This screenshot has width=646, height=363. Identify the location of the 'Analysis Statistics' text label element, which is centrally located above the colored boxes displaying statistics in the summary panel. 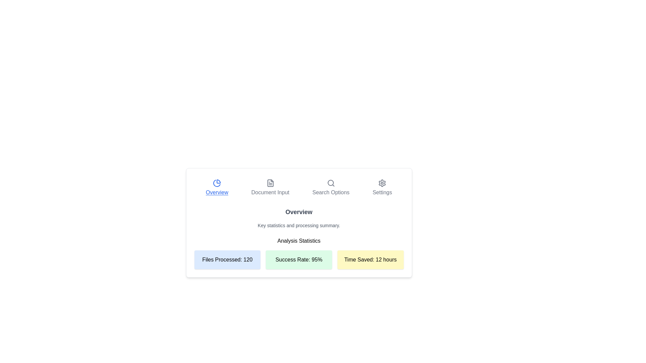
(298, 238).